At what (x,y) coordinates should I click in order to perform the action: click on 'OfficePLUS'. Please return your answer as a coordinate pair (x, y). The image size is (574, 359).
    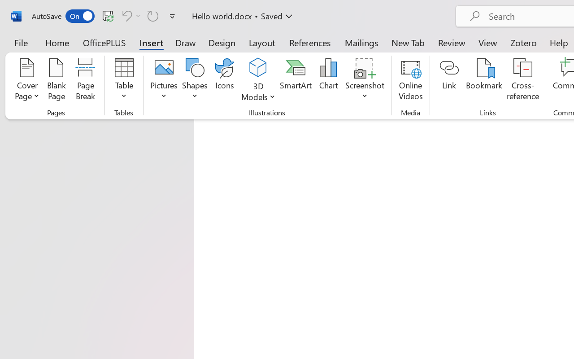
    Looking at the image, I should click on (104, 42).